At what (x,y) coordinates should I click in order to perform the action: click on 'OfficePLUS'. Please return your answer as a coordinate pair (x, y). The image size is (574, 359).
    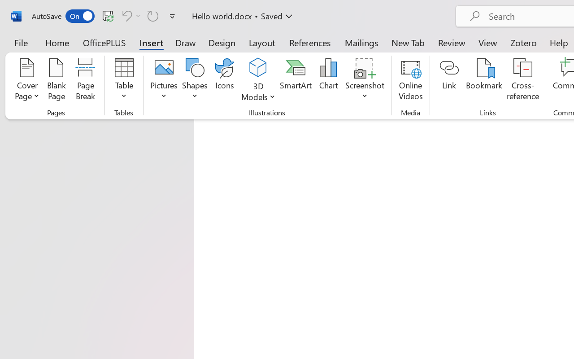
    Looking at the image, I should click on (104, 42).